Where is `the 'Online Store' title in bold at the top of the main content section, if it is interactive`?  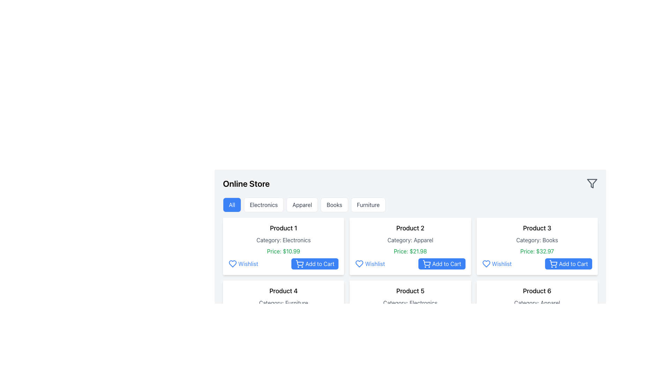 the 'Online Store' title in bold at the top of the main content section, if it is interactive is located at coordinates (410, 183).